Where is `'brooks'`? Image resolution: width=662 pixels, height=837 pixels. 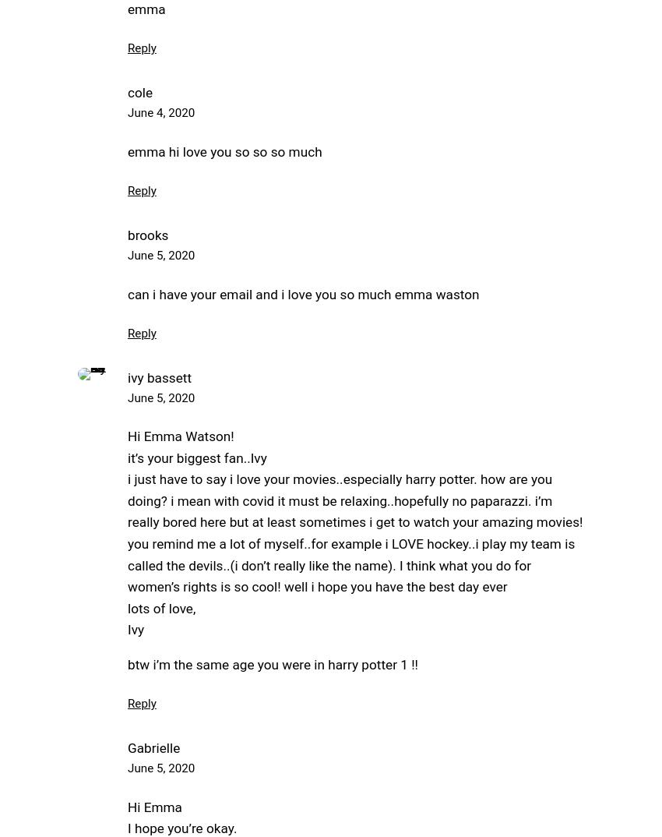 'brooks' is located at coordinates (146, 235).